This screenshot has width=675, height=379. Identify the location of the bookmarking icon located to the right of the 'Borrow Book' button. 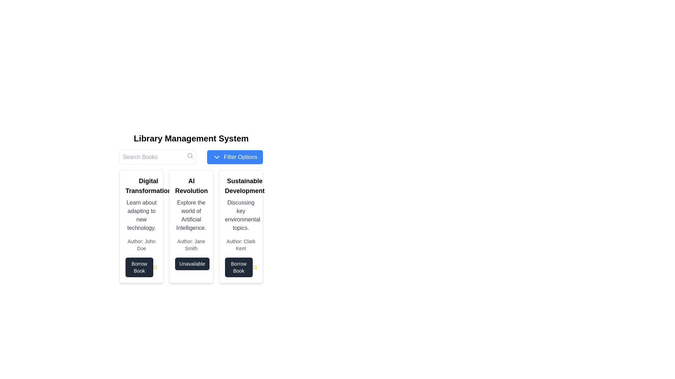
(254, 267).